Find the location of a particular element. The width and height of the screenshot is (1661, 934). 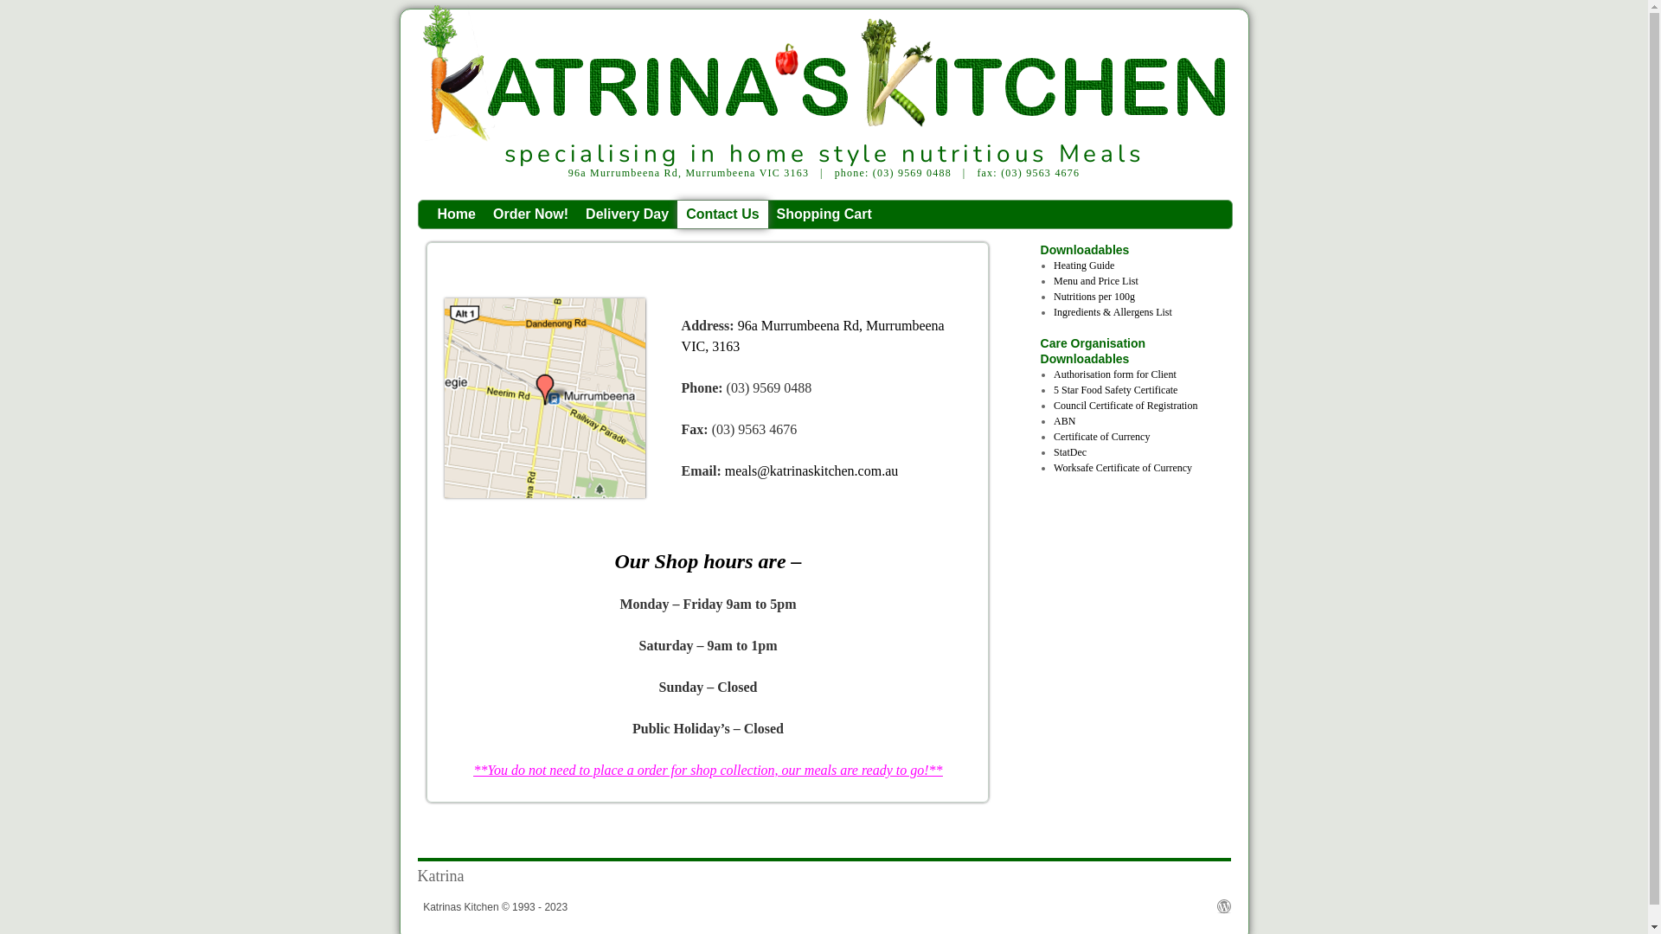

'Council Certificate of Registration' is located at coordinates (1125, 406).